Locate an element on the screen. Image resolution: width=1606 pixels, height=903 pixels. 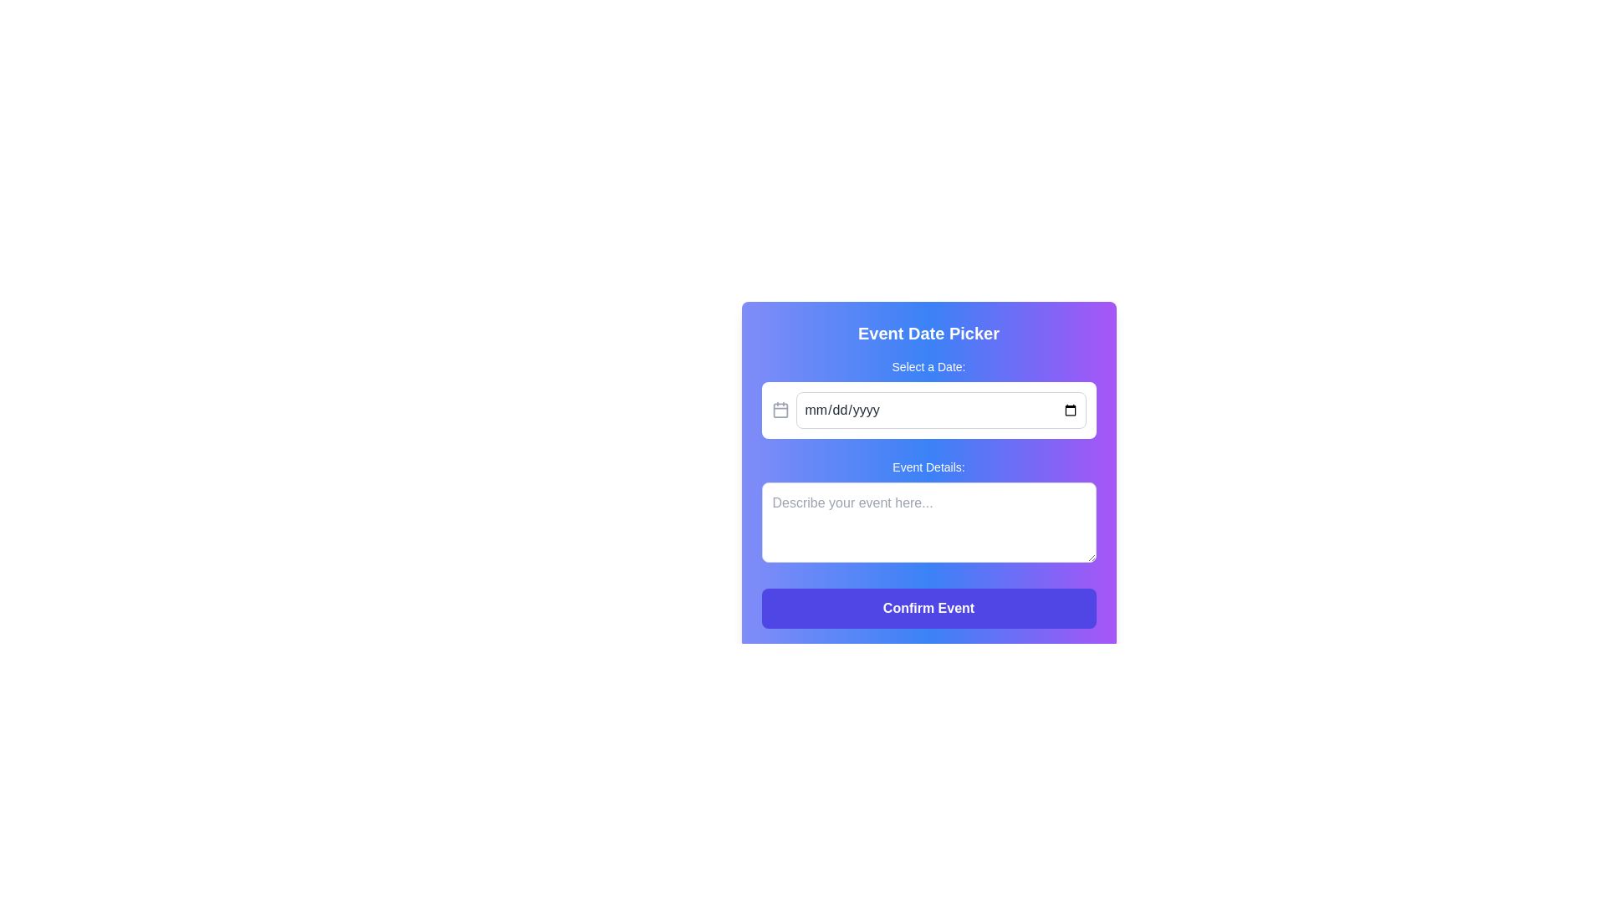
the text label displaying 'Event Details:' which is styled with a medium font weight and located above the text input field, on a background transitioning from blue to purple is located at coordinates (928, 467).